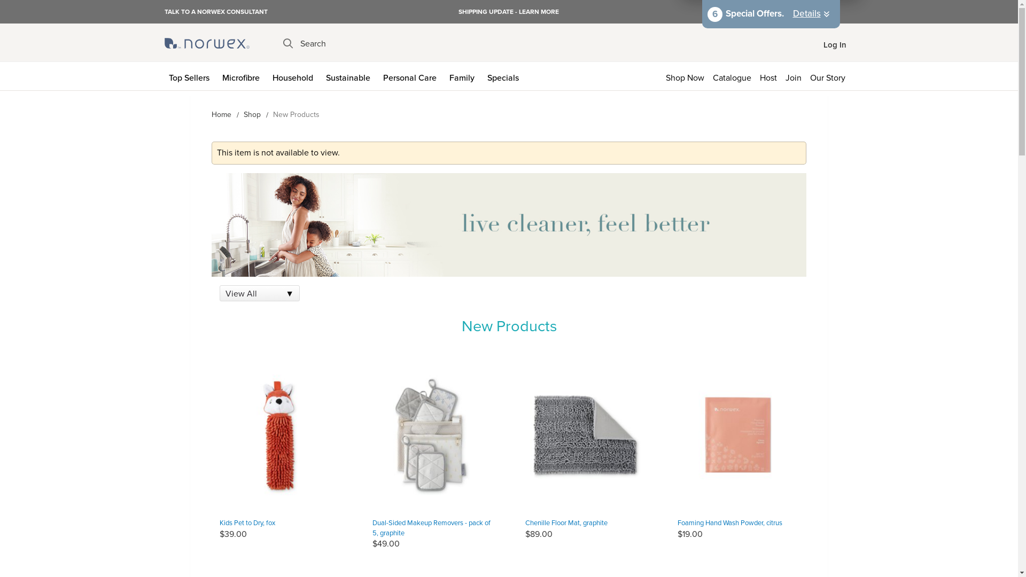  Describe the element at coordinates (215, 11) in the screenshot. I see `'TALK TO A NORWEX CONSULTANT'` at that location.